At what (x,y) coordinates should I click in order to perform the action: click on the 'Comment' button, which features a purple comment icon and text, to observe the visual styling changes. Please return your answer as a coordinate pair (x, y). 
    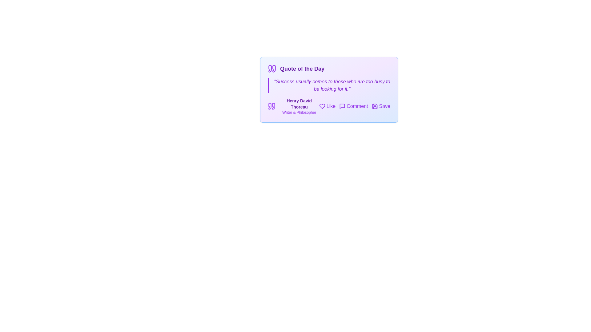
    Looking at the image, I should click on (353, 106).